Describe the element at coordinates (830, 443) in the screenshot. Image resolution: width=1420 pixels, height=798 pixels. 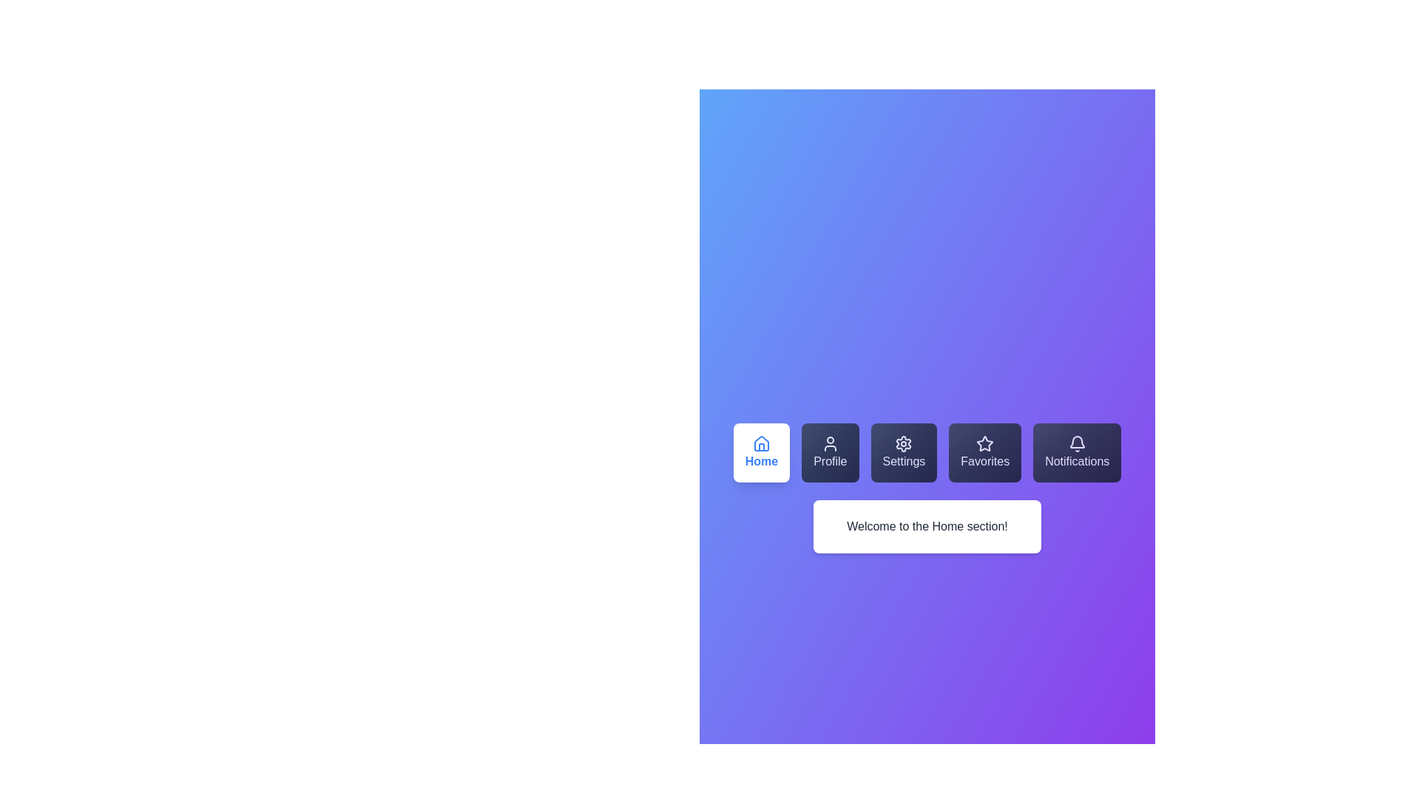
I see `the user icon, which is a circular outline of a head and torso in white, located within the 'Profile' button, the second button in the horizontal navigation row at the top of the application interface` at that location.